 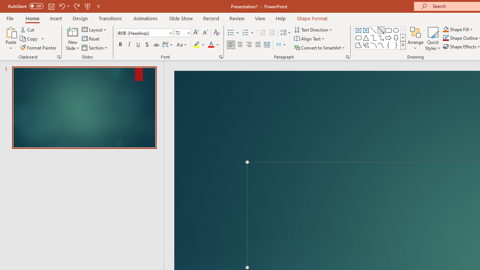 I want to click on 'Line Arrow', so click(x=381, y=30).